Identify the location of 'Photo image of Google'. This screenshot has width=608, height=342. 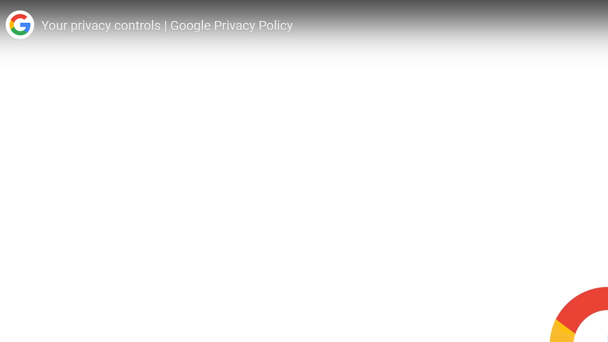
(19, 24).